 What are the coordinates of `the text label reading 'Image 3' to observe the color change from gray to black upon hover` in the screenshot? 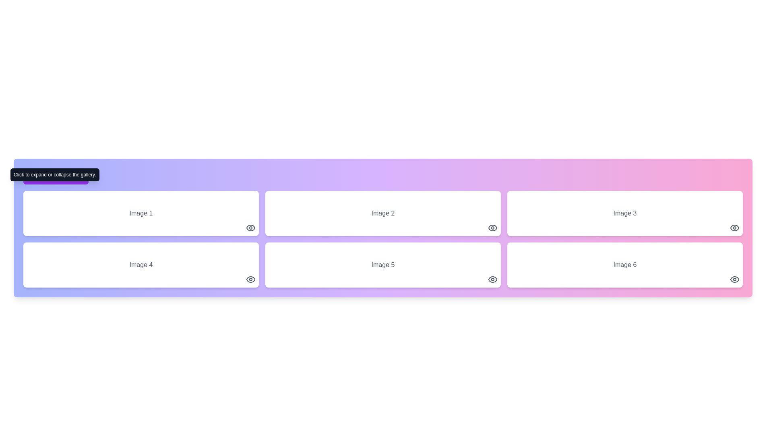 It's located at (624, 213).